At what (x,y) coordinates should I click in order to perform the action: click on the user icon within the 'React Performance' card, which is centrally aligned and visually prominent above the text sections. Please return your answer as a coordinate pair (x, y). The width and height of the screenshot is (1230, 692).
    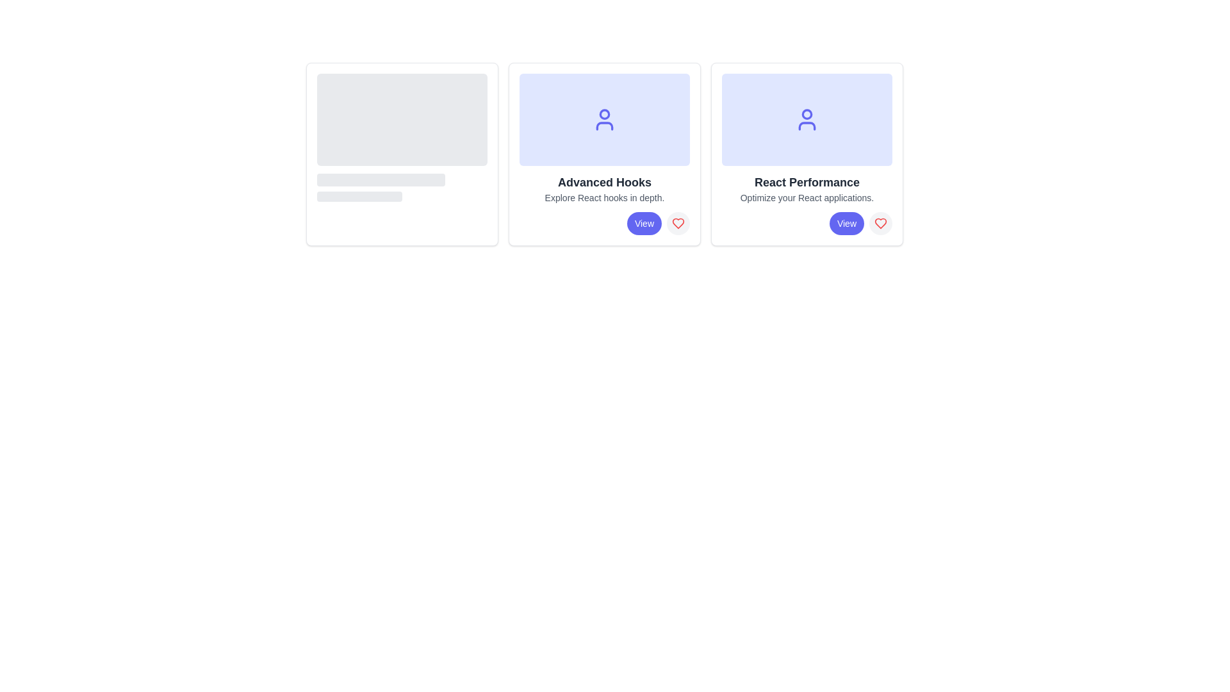
    Looking at the image, I should click on (806, 119).